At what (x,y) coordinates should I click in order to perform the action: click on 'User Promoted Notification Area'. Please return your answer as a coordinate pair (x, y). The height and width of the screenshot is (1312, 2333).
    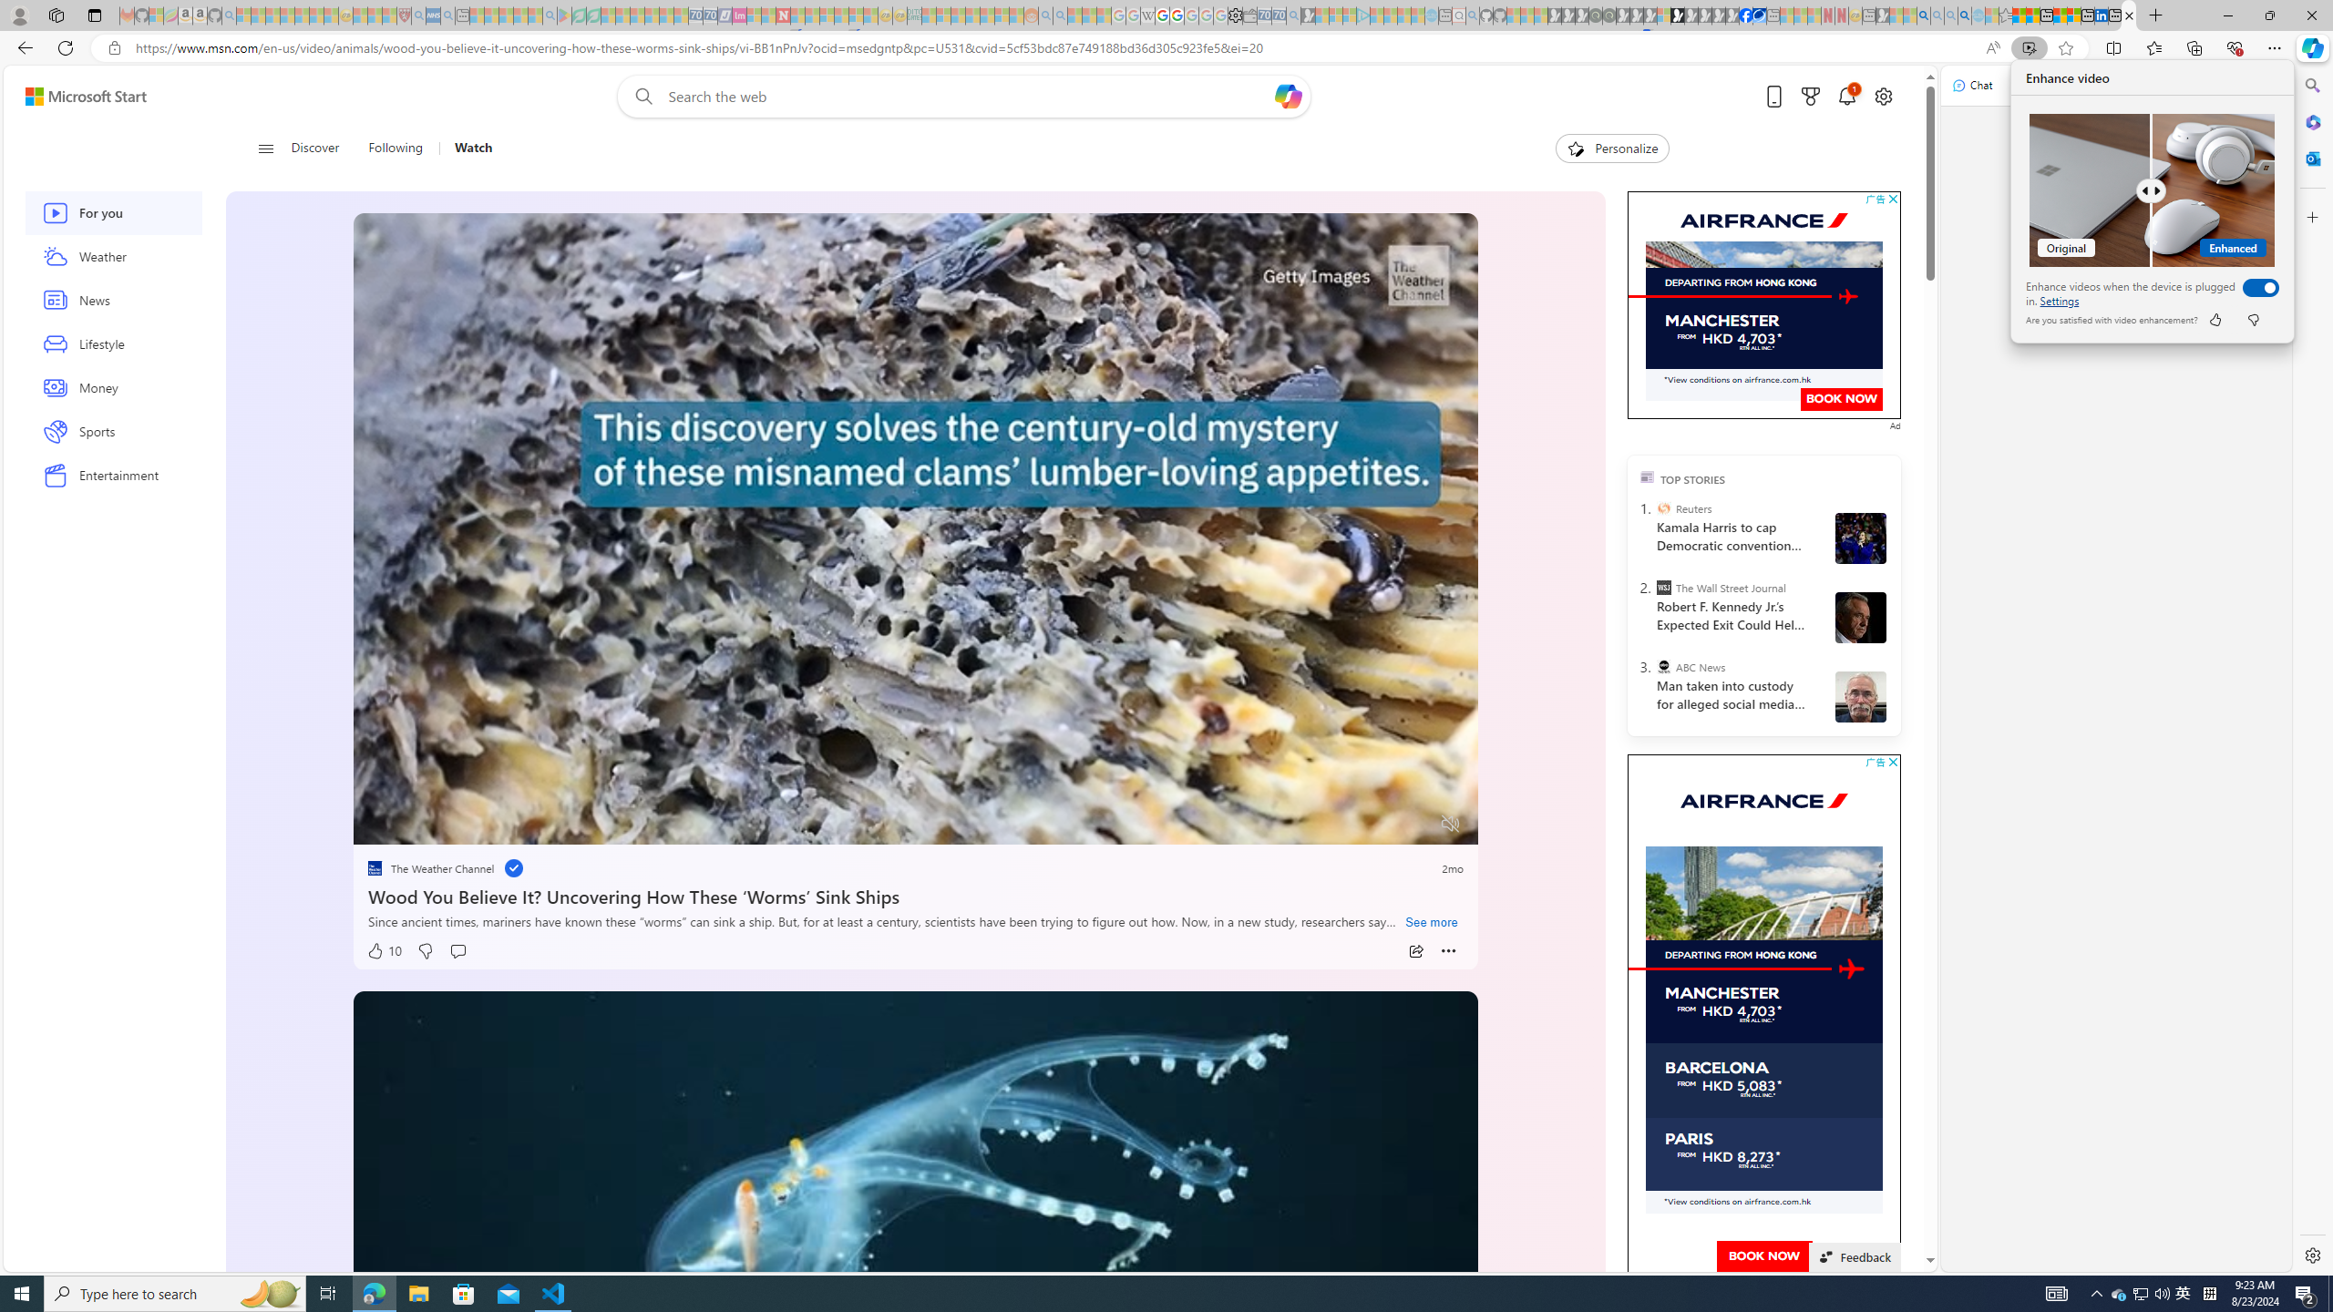
    Looking at the image, I should click on (2141, 1292).